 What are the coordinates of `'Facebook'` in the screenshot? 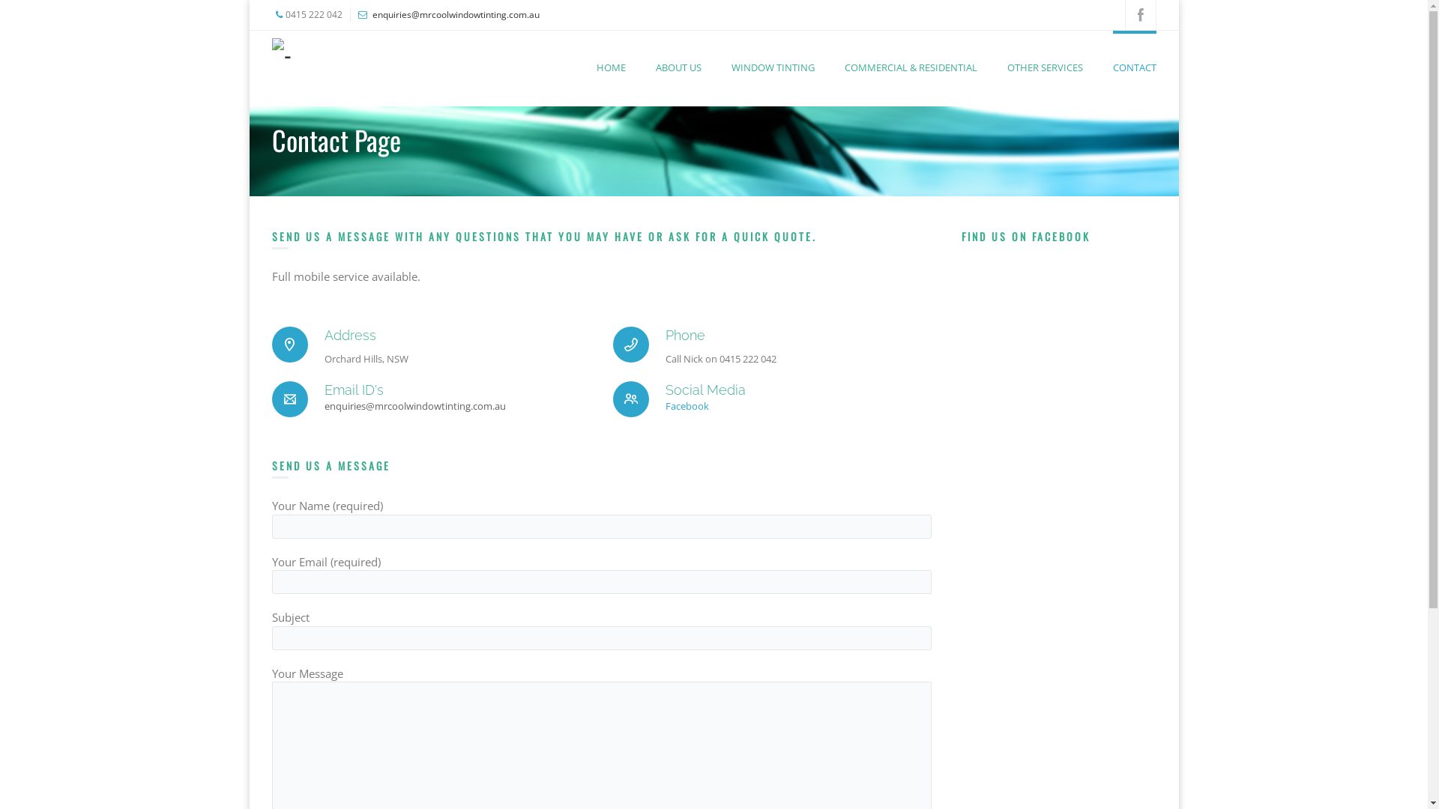 It's located at (686, 407).